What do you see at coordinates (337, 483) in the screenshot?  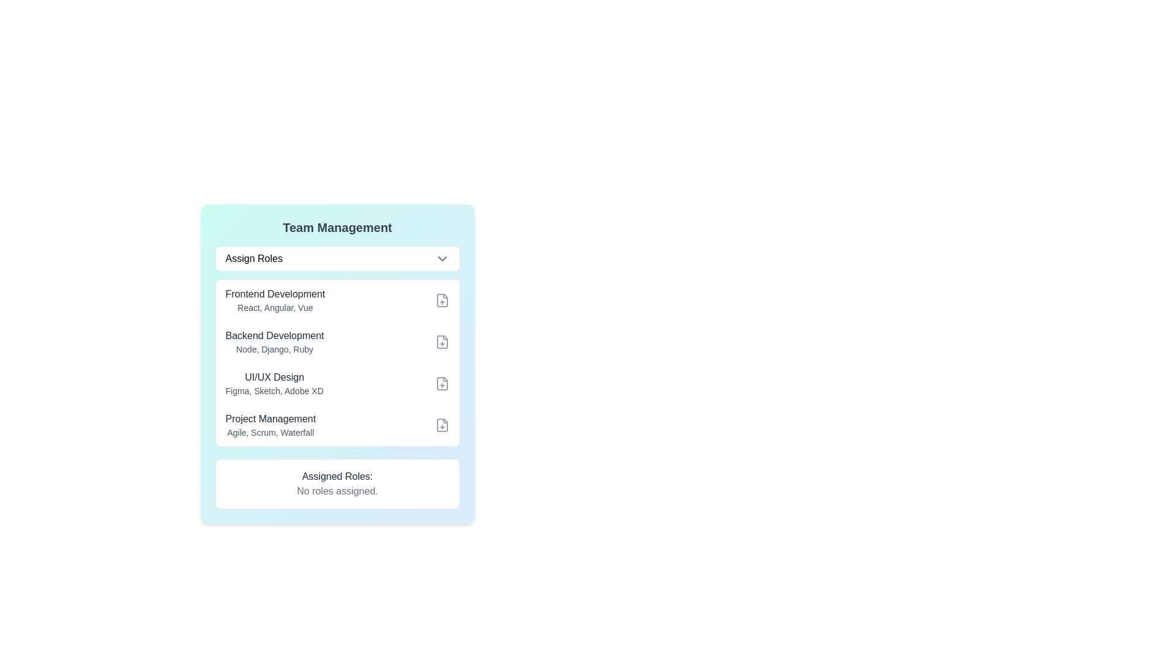 I see `the informational text box that displays 'Assigned Roles:' and 'No roles assigned.' located at the bottom of the 'Team Management' box` at bounding box center [337, 483].